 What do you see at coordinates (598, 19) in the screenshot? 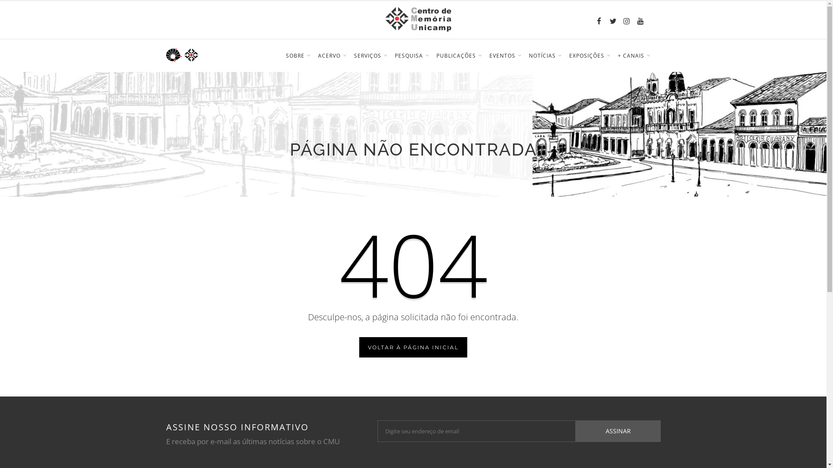
I see `'Facebook'` at bounding box center [598, 19].